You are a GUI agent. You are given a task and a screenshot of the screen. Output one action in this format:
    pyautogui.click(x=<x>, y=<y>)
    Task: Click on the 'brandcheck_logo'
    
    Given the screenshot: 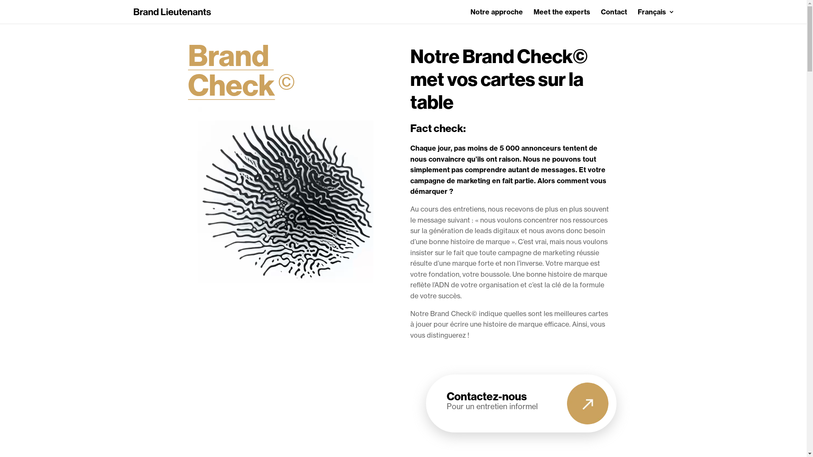 What is the action you would take?
    pyautogui.click(x=188, y=72)
    